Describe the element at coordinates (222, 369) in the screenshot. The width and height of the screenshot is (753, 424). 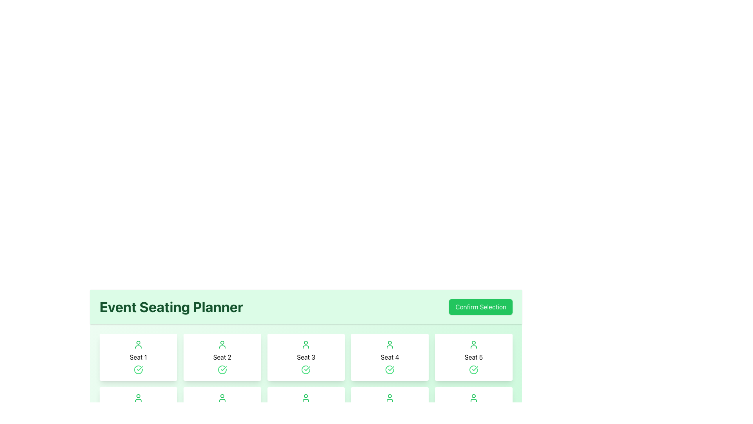
I see `the unchecked SVG component representing the inactive status of 'Seat 2' in the seat selection row` at that location.